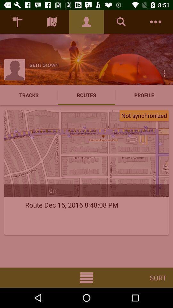  I want to click on the menu icon, so click(86, 277).